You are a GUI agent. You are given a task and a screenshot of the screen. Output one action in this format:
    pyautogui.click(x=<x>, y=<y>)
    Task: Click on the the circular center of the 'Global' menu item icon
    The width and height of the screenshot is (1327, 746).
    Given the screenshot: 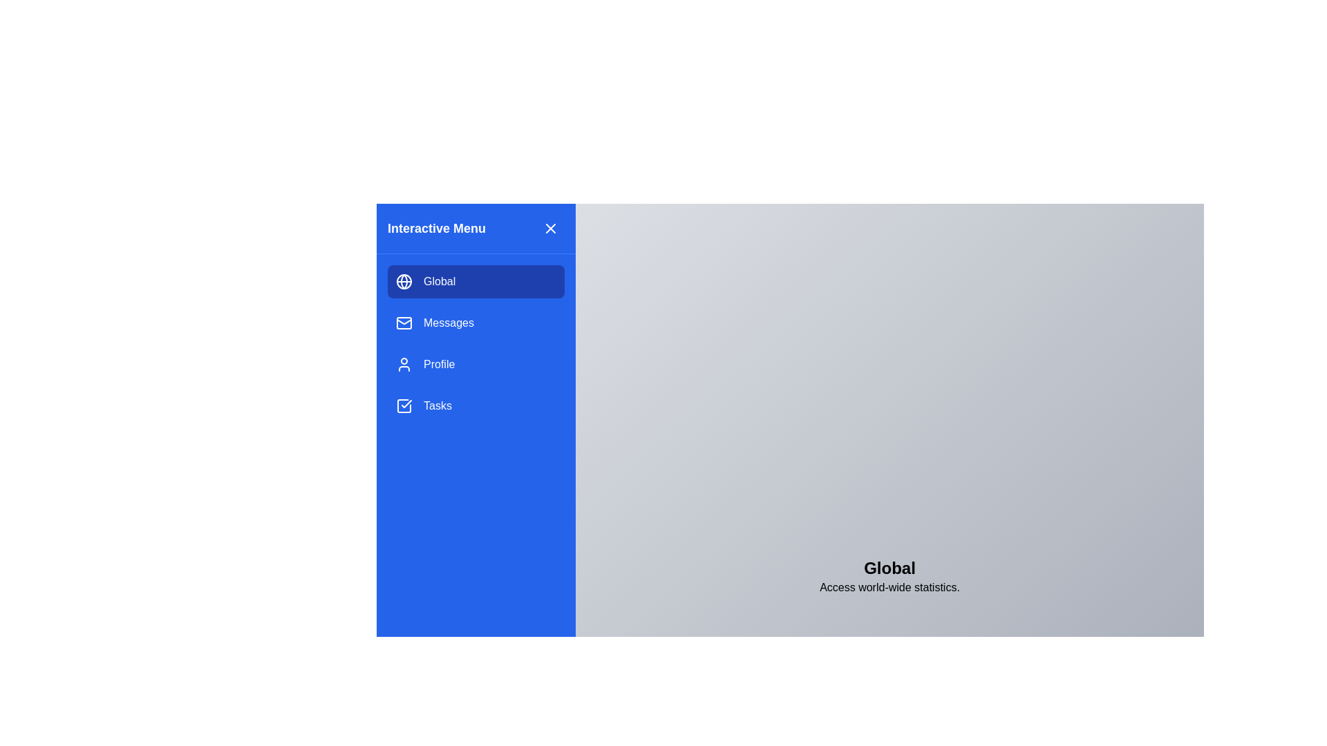 What is the action you would take?
    pyautogui.click(x=404, y=281)
    